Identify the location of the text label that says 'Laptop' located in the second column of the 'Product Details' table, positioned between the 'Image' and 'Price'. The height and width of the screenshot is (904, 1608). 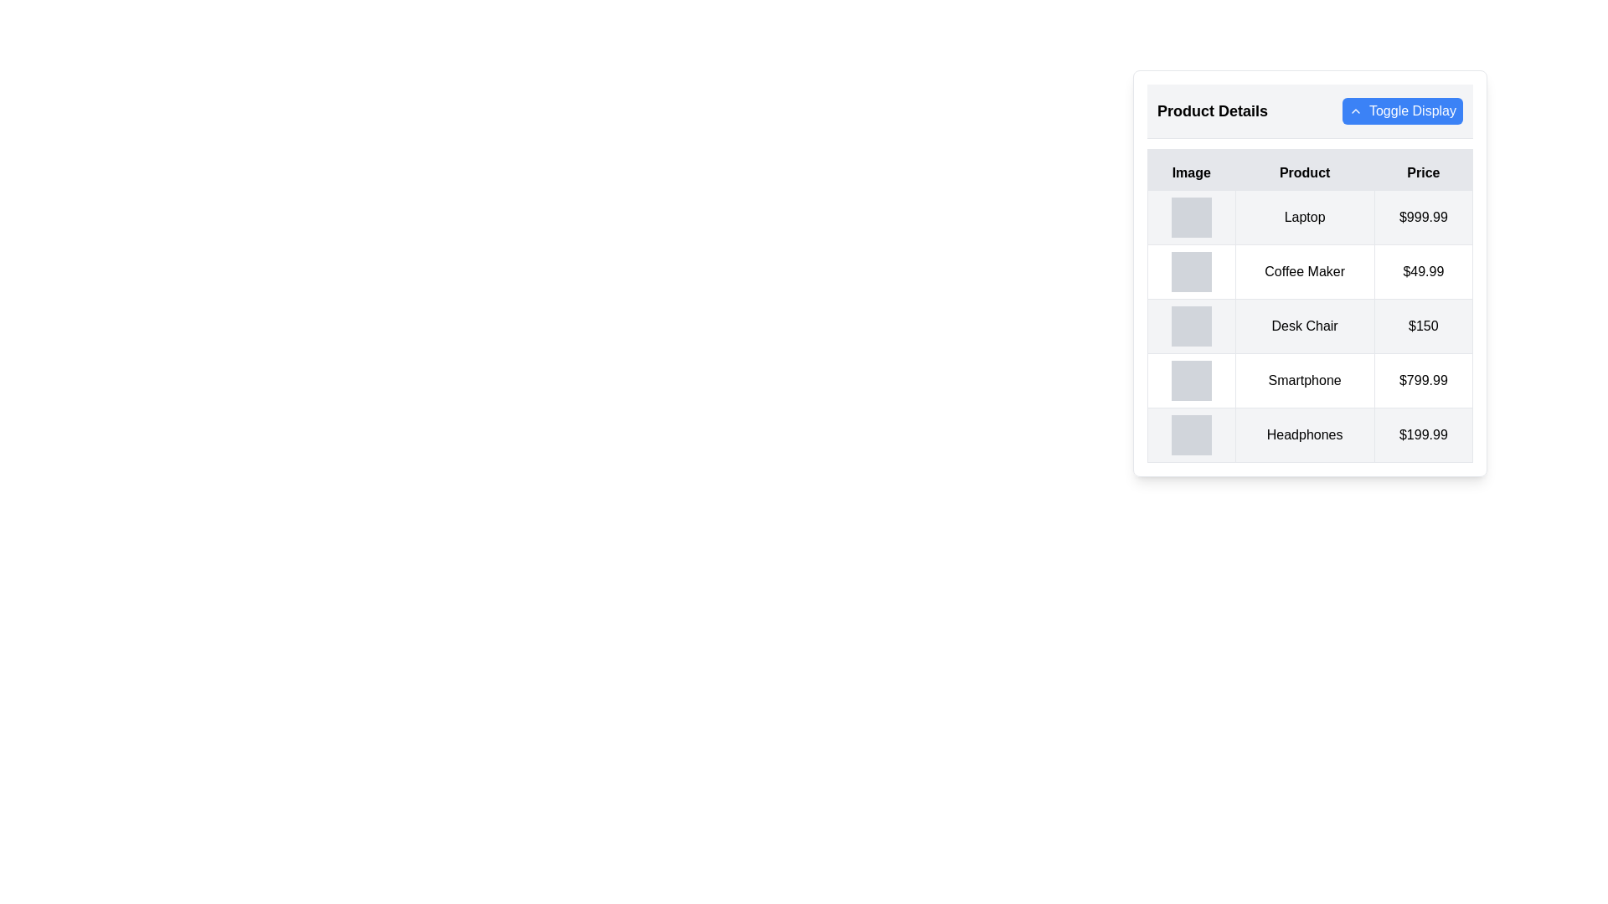
(1304, 216).